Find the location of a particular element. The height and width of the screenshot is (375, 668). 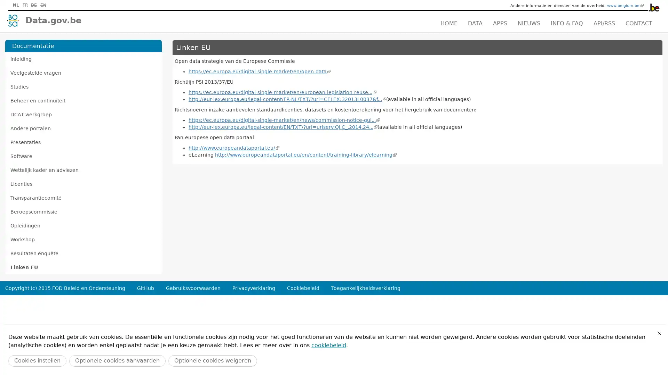

Sluiten is located at coordinates (659, 333).